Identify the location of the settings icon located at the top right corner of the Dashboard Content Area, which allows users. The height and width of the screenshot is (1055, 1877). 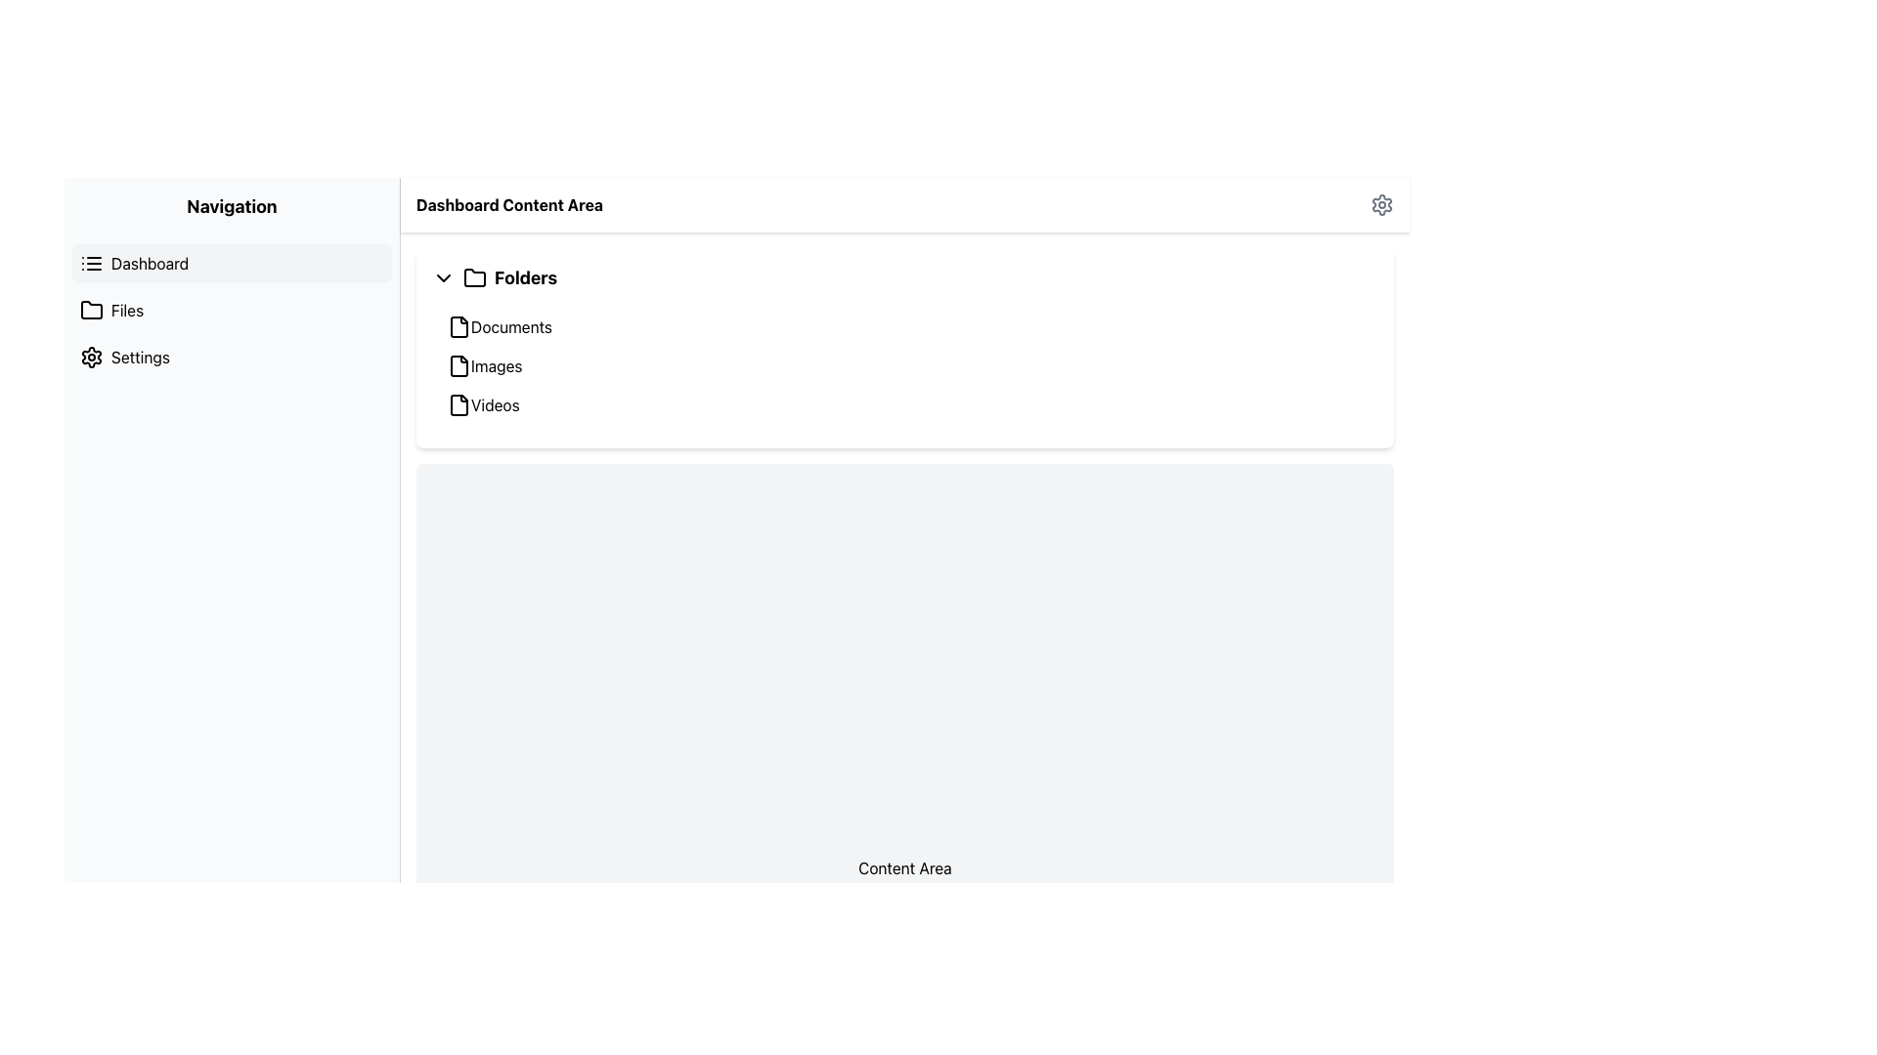
(1381, 204).